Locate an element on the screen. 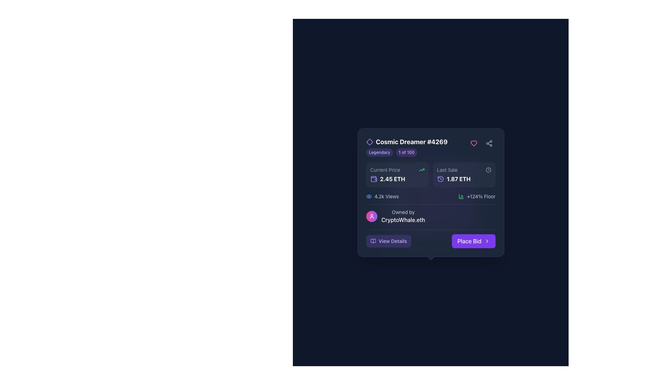 Image resolution: width=671 pixels, height=377 pixels. the information displayed in the 'Last Sale' section, specifically the Label showing '1.87 ETH' with a clock icon to its left is located at coordinates (464, 179).